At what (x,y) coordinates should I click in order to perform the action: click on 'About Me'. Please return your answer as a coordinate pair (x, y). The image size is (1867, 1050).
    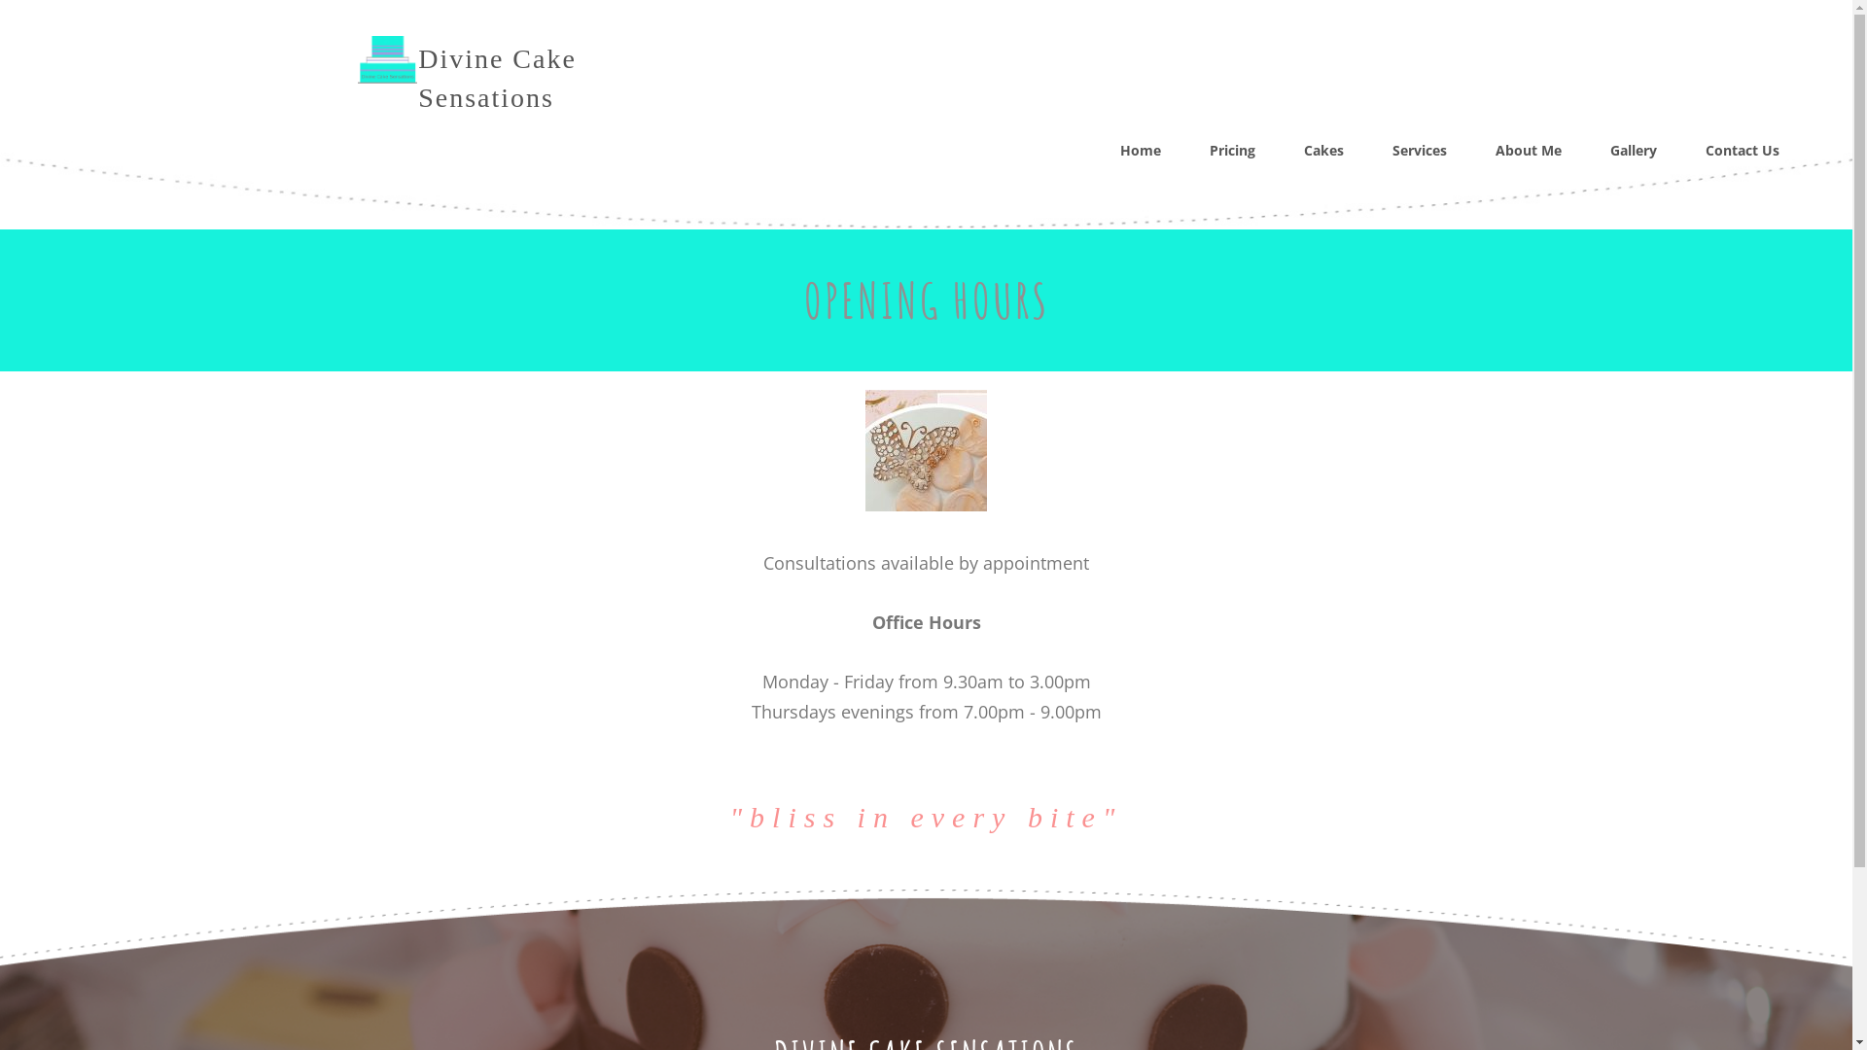
    Looking at the image, I should click on (1527, 149).